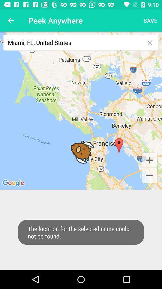 This screenshot has width=162, height=289. I want to click on the minus icon, so click(149, 176).